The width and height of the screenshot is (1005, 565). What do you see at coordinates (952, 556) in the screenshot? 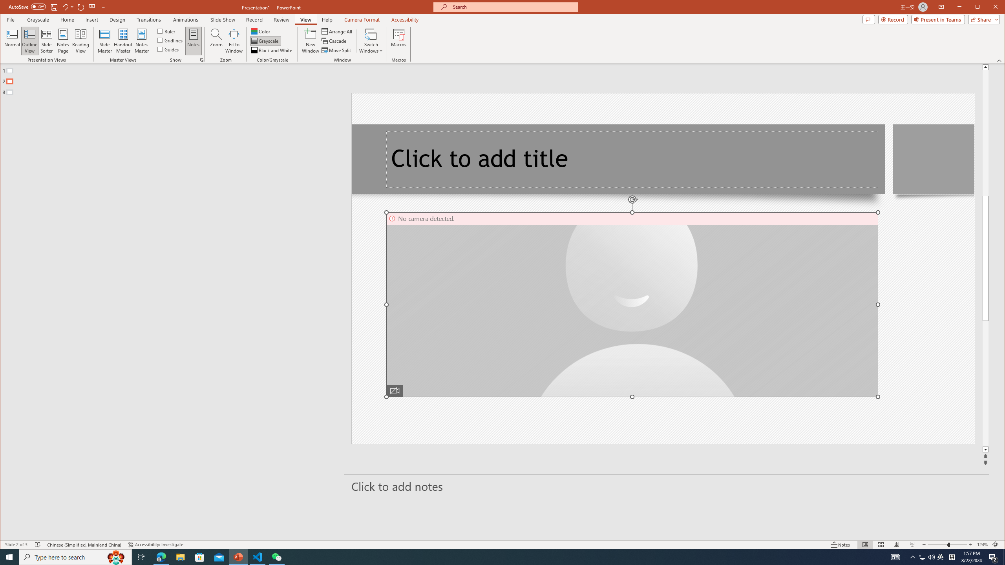
I see `'Tray Input Indicator - Chinese (Simplified, China)'` at bounding box center [952, 556].